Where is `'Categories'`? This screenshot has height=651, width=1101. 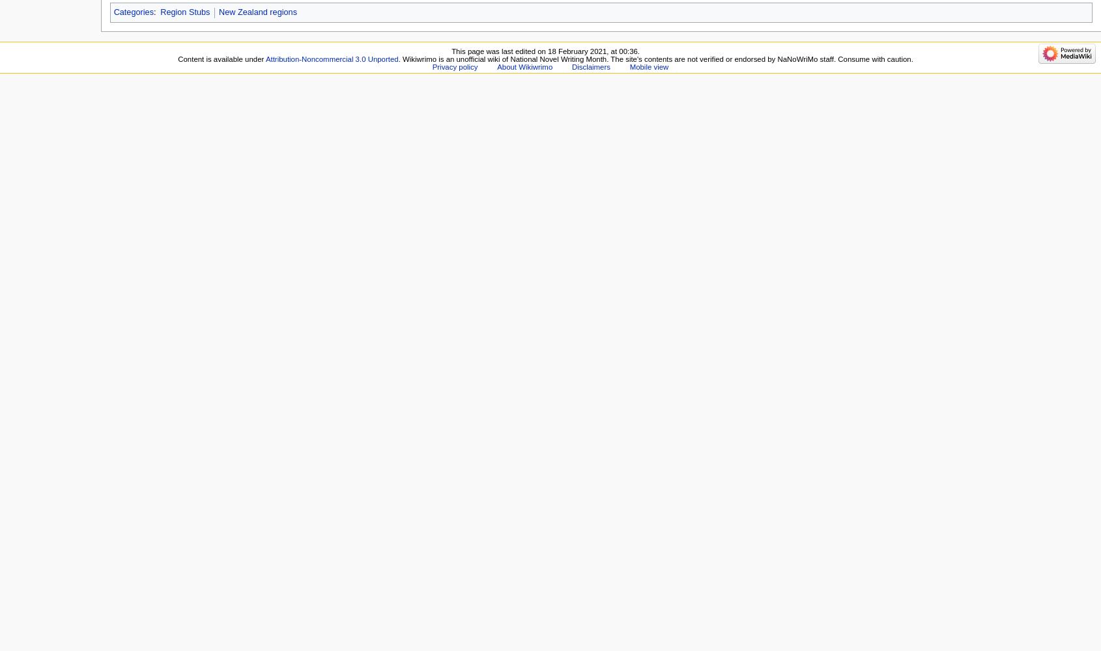
'Categories' is located at coordinates (132, 12).